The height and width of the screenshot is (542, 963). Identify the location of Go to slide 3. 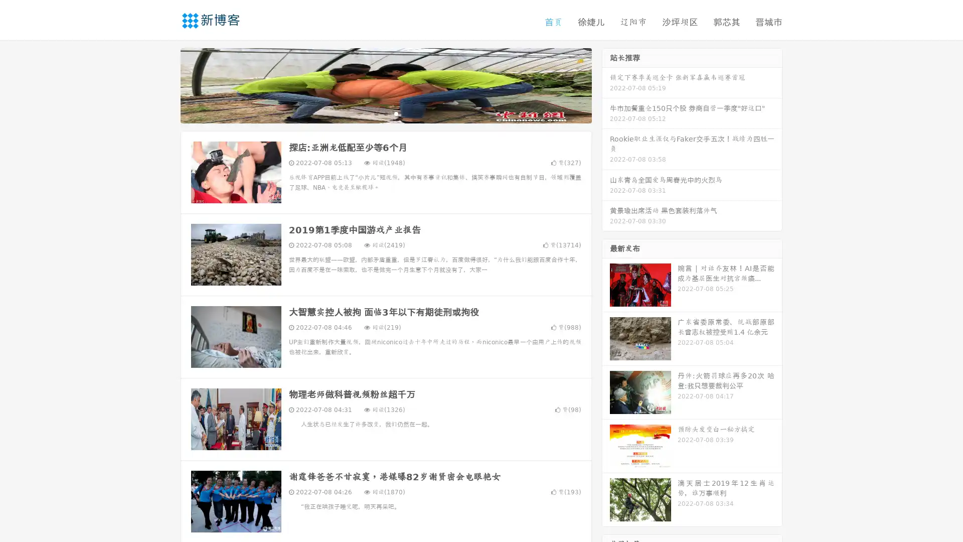
(396, 113).